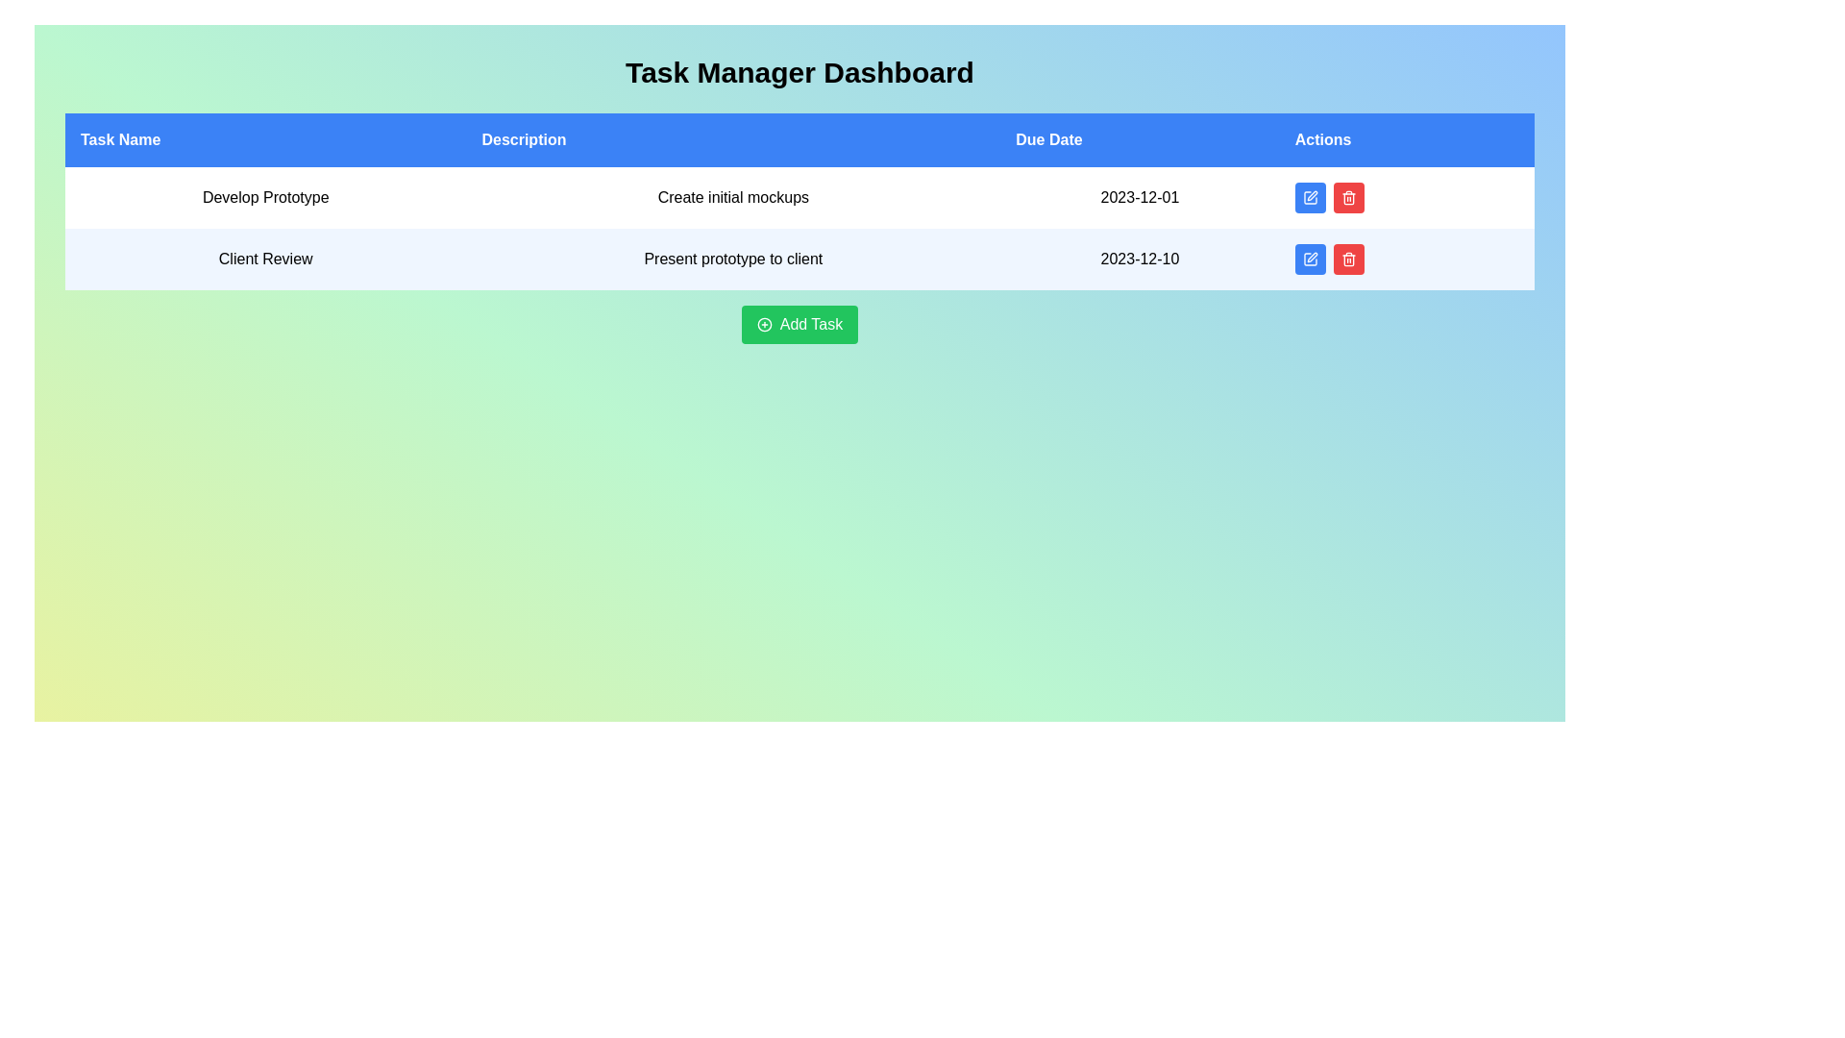 The image size is (1845, 1038). What do you see at coordinates (1140, 259) in the screenshot?
I see `the text display showing '2023-12-10' in the second row under the 'Due Date' header` at bounding box center [1140, 259].